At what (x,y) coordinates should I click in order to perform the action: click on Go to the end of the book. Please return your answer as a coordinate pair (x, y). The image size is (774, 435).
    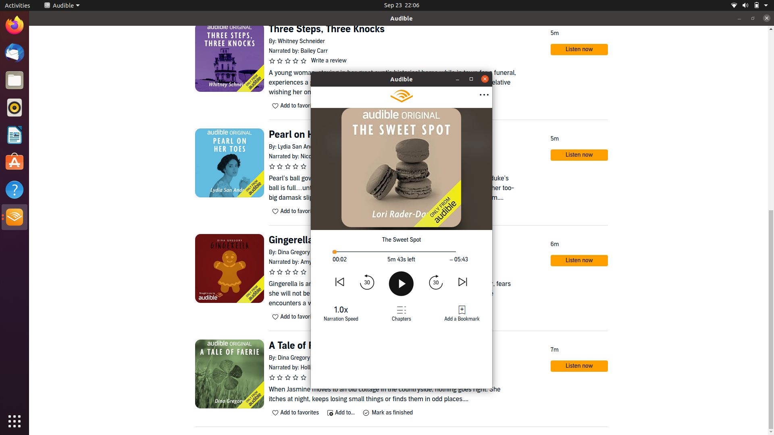
    Looking at the image, I should click on (450, 251).